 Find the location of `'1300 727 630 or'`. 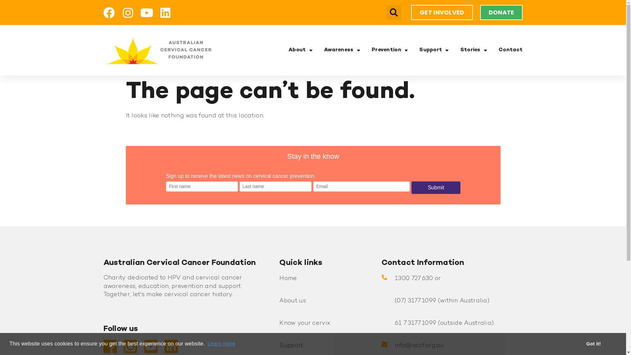

'1300 727 630 or' is located at coordinates (394, 278).